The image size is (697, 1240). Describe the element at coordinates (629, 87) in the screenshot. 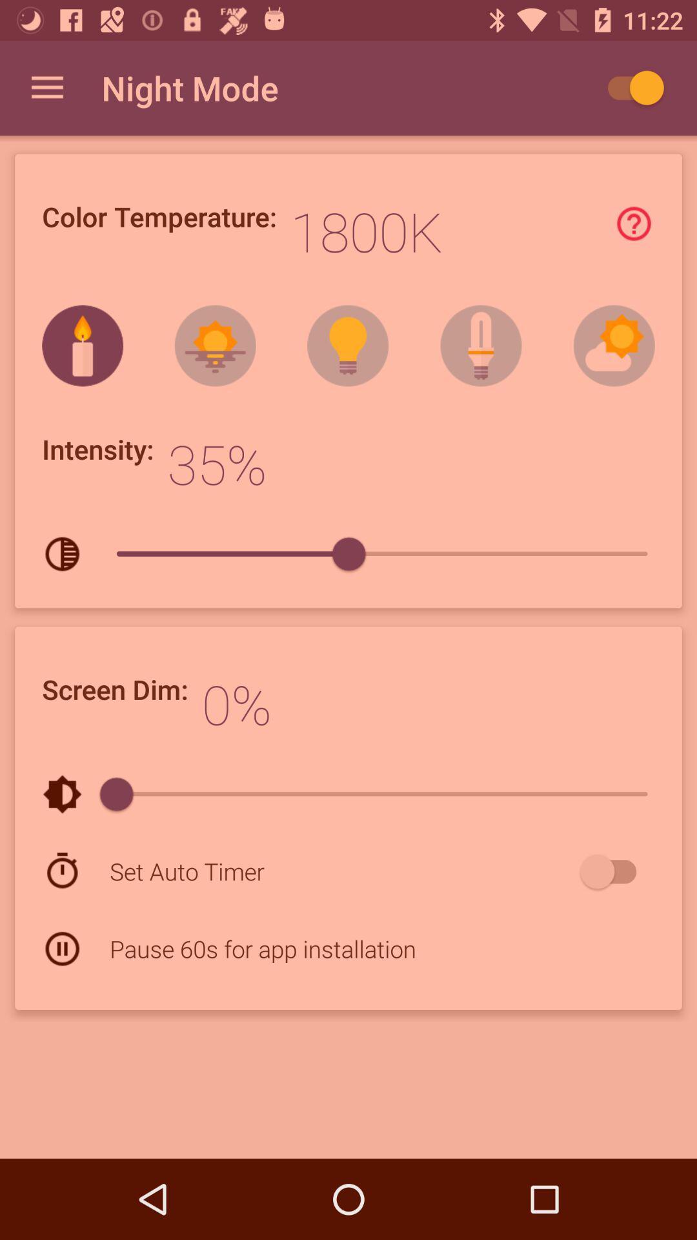

I see `the app next to night mode item` at that location.